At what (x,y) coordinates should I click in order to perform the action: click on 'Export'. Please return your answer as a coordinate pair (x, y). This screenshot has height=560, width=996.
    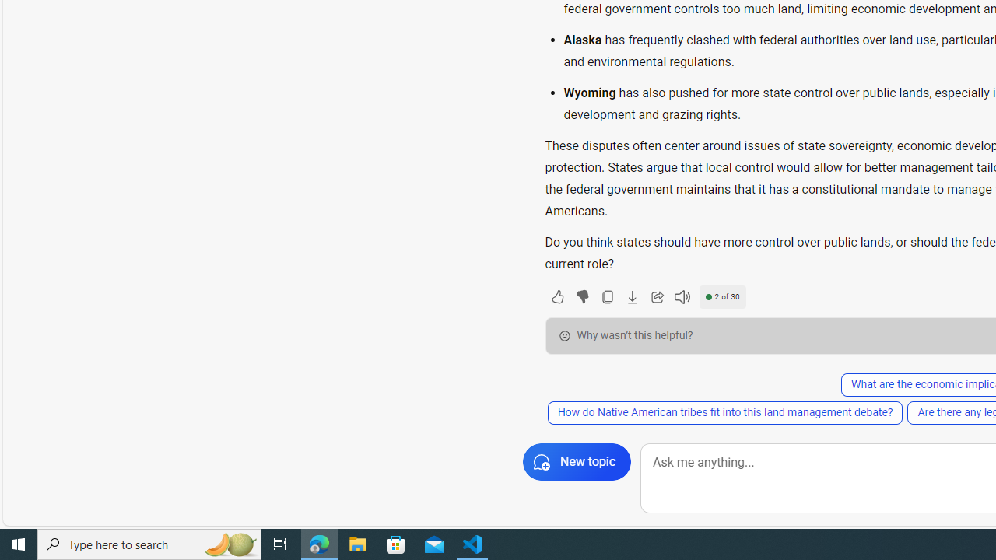
    Looking at the image, I should click on (632, 296).